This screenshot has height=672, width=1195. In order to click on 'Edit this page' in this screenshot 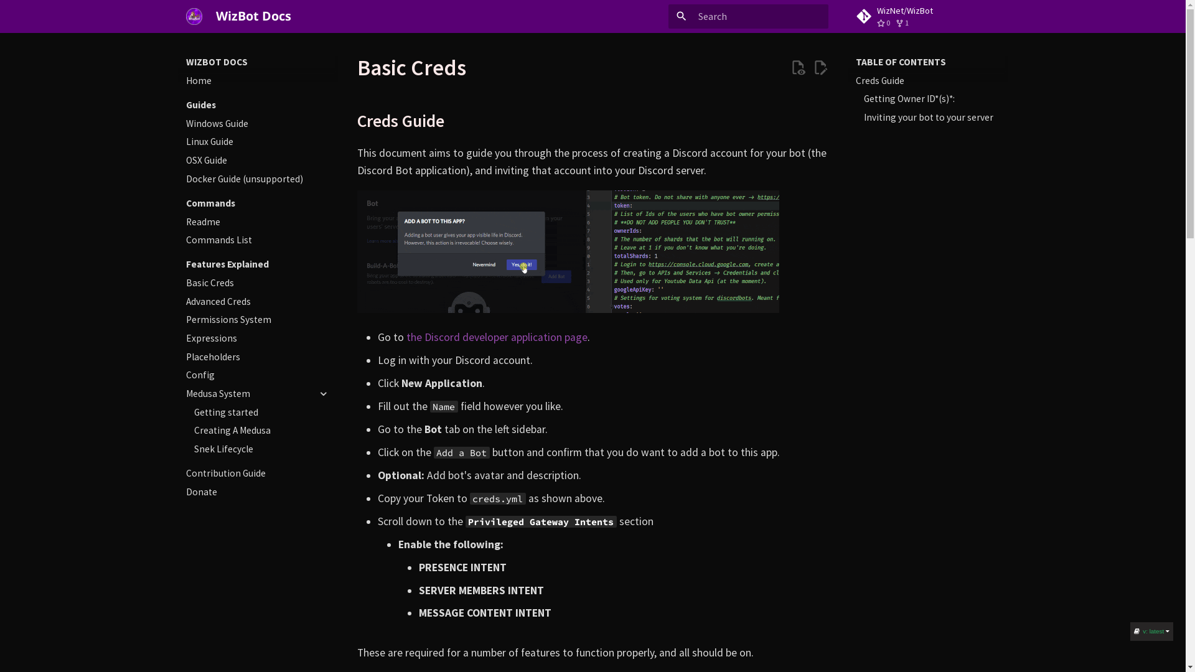, I will do `click(820, 67)`.